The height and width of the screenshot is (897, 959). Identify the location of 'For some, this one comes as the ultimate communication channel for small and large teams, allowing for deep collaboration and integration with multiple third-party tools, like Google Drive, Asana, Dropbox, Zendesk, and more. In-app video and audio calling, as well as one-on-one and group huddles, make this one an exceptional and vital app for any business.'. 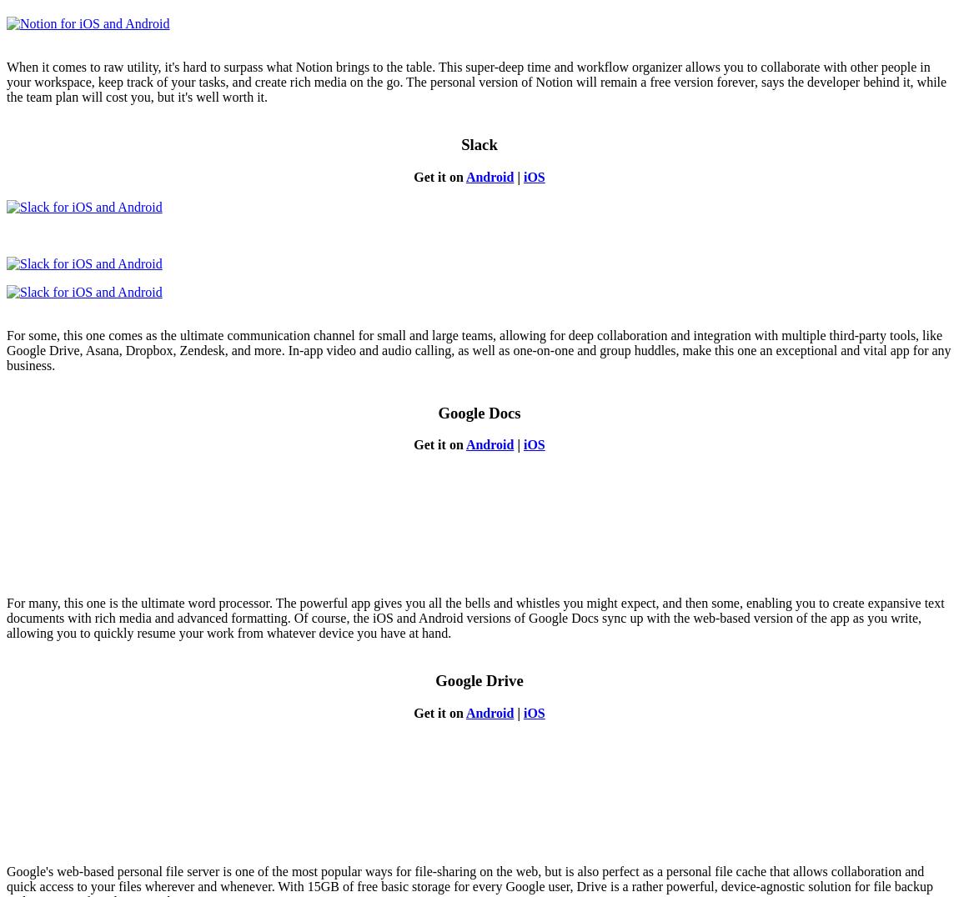
(478, 349).